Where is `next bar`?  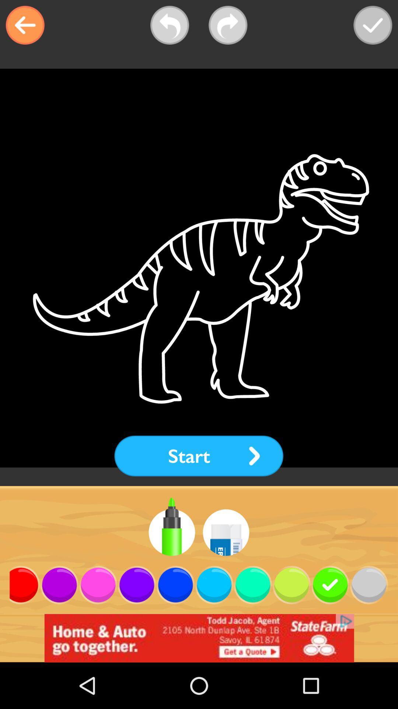
next bar is located at coordinates (227, 25).